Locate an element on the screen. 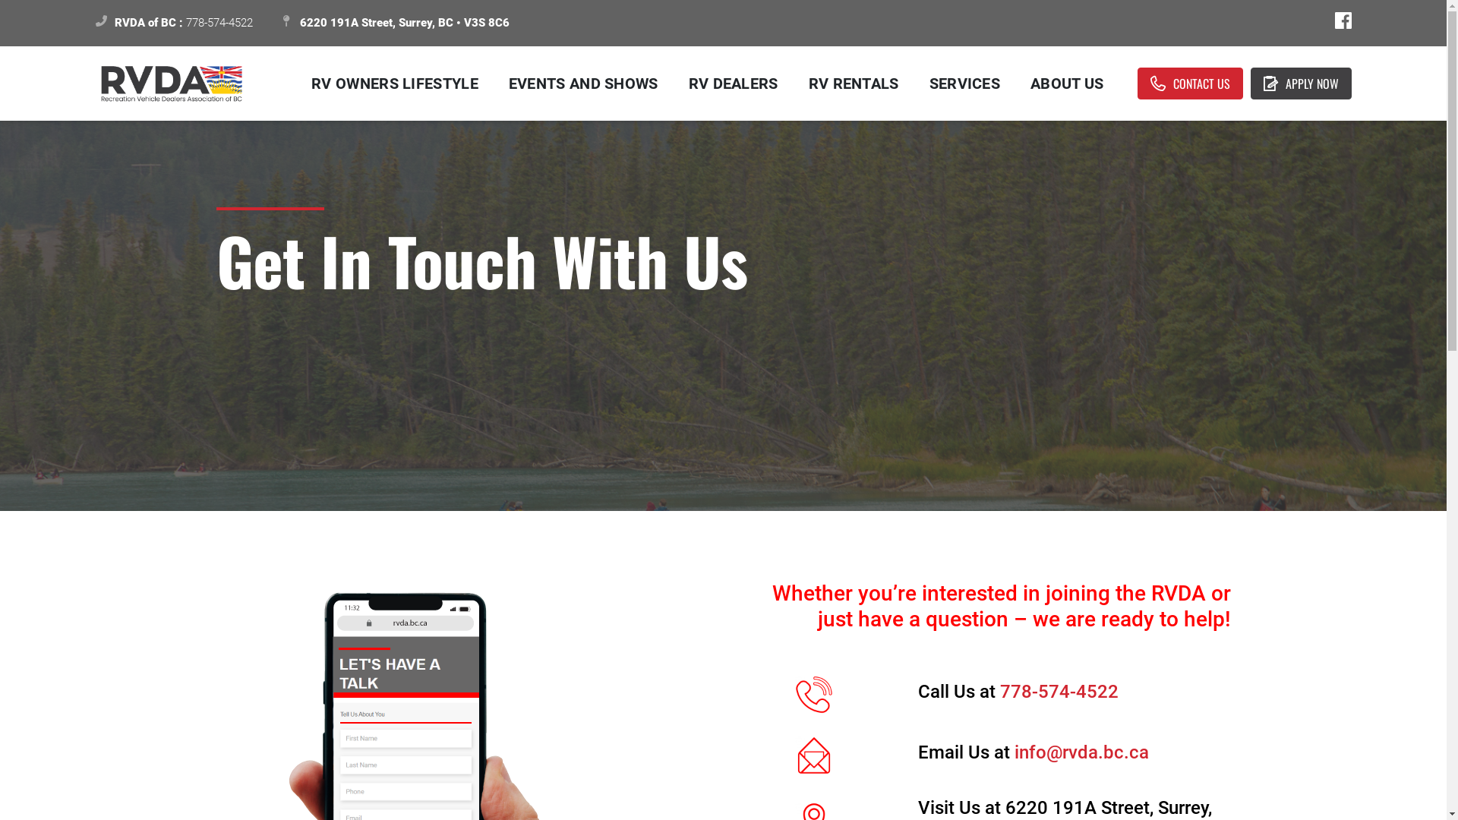  'RVDA of BC : 778-574-4522' is located at coordinates (174, 23).